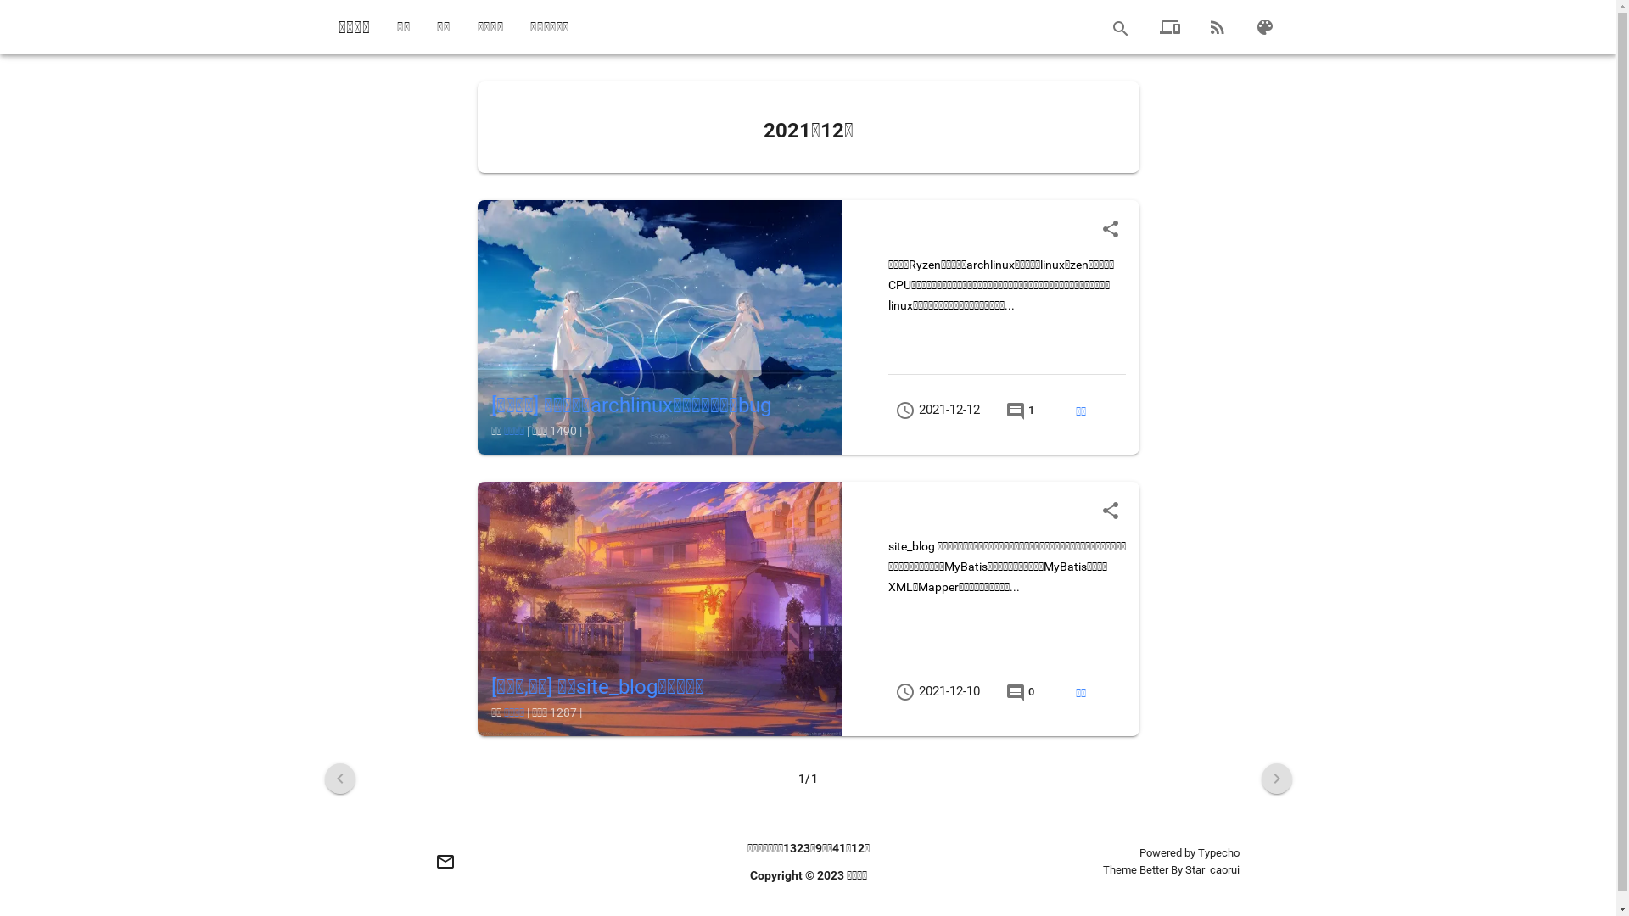 Image resolution: width=1629 pixels, height=916 pixels. Describe the element at coordinates (1120, 29) in the screenshot. I see `'search'` at that location.